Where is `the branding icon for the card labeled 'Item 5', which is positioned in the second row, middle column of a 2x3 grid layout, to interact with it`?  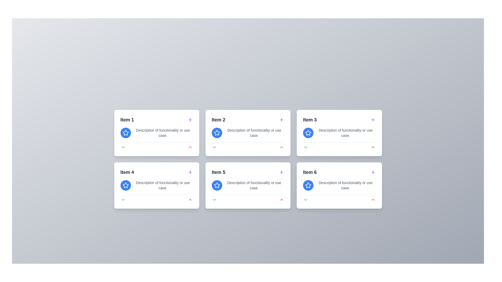 the branding icon for the card labeled 'Item 5', which is positioned in the second row, middle column of a 2x3 grid layout, to interact with it is located at coordinates (217, 185).